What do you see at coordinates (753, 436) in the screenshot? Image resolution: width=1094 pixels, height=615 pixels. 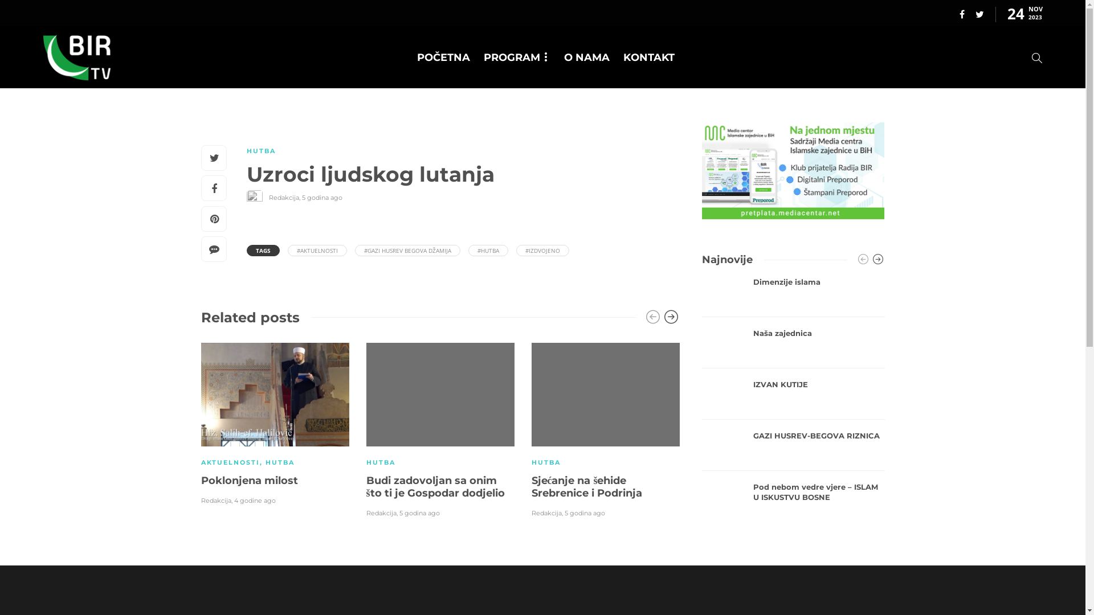 I see `'GAZI HUSREV-BEGOVA RIZNICA'` at bounding box center [753, 436].